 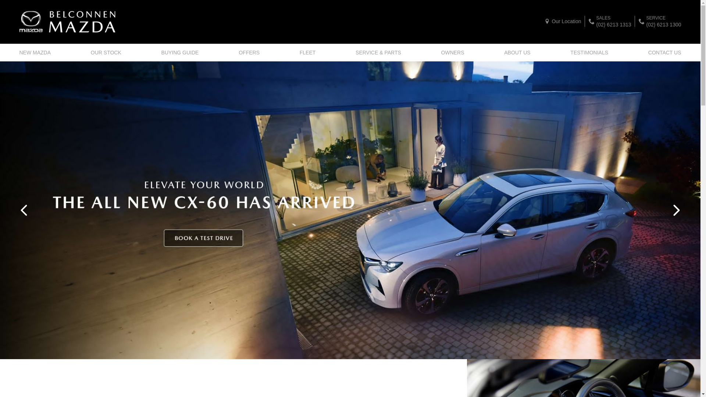 What do you see at coordinates (562, 21) in the screenshot?
I see `'Our Location'` at bounding box center [562, 21].